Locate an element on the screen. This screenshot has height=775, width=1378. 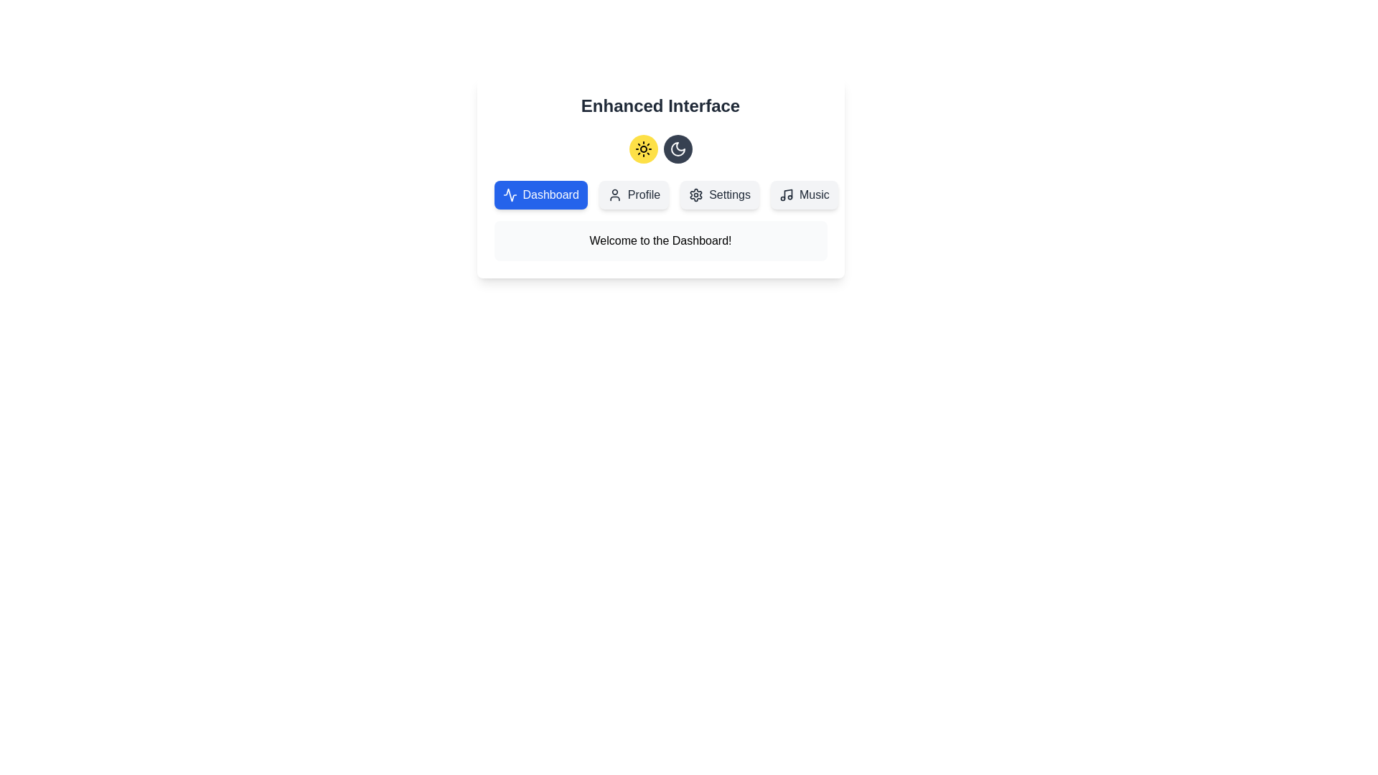
the 'Settings' button, which is a rectangular button with a gear icon on the left and the text 'Settings' centered, located between the 'Profile' and 'Music' buttons is located at coordinates (720, 195).